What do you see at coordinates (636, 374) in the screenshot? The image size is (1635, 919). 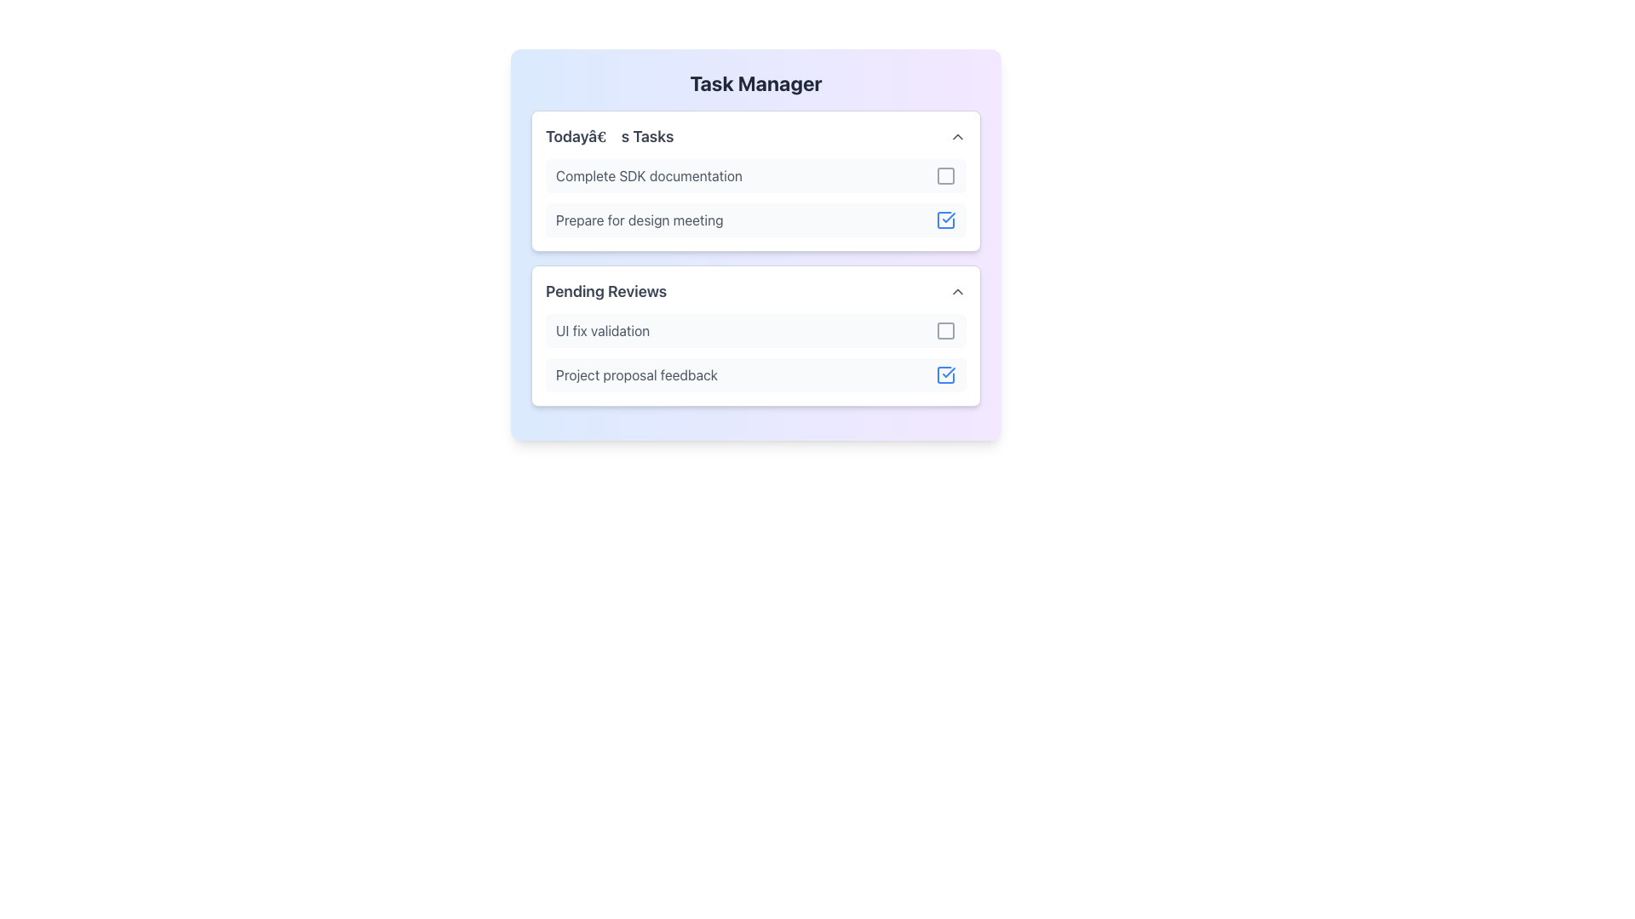 I see `the text label 'Project proposal feedback' located in the 'Pending Reviews' section of the Task Manager interface` at bounding box center [636, 374].